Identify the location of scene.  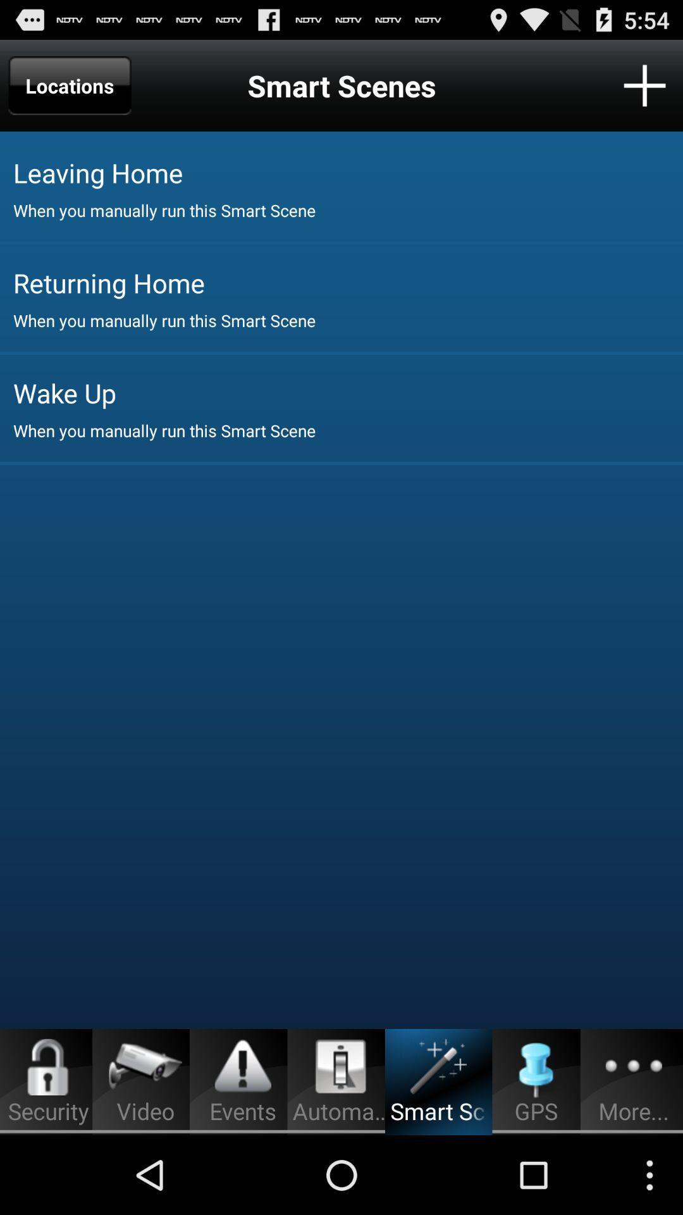
(644, 85).